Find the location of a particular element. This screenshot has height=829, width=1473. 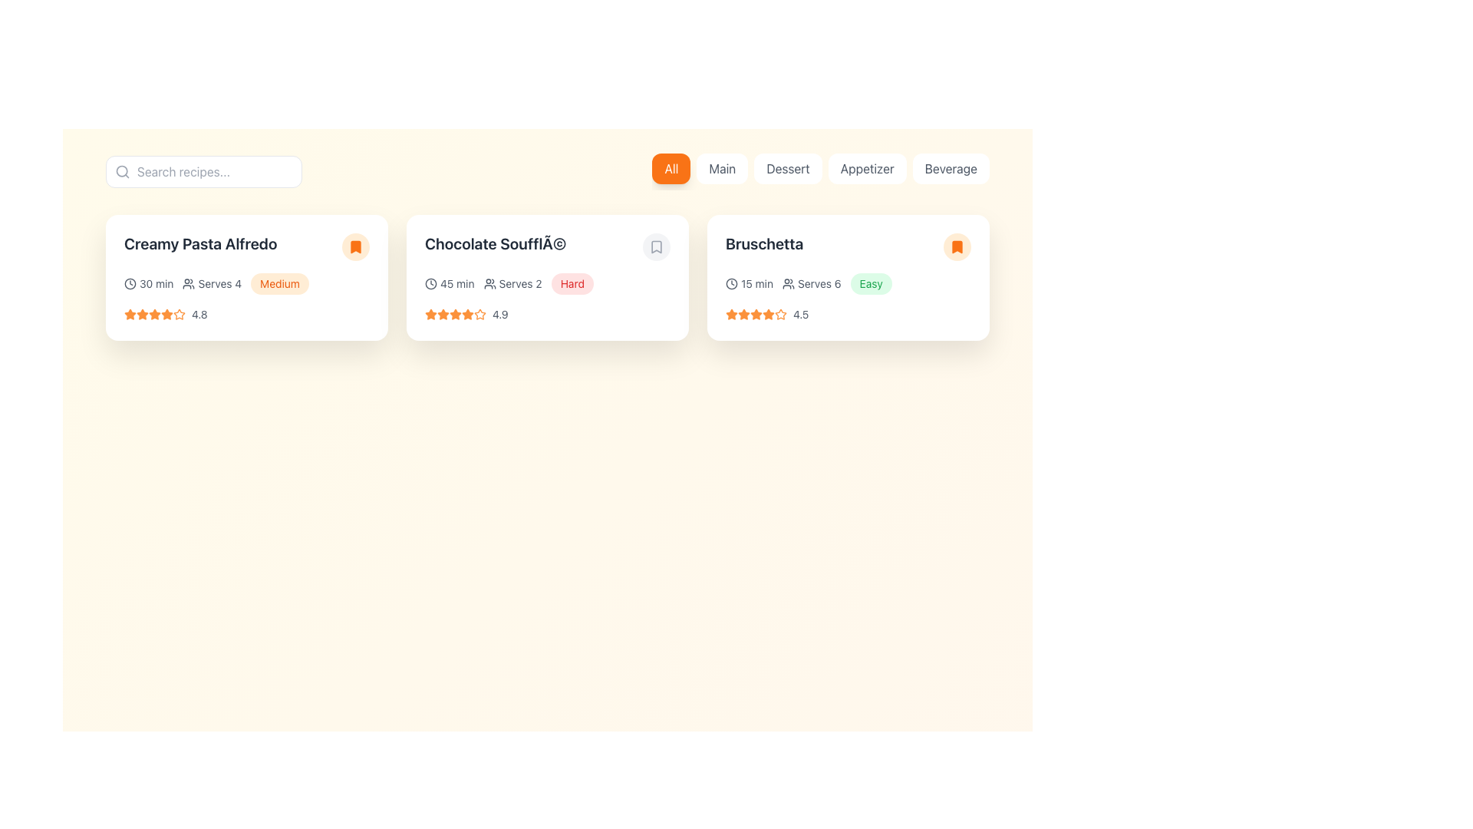

information displayed about the number of servings the recipe yields, located in the first recipe card next to the user icon and to the left of the 'Medium' tag is located at coordinates (219, 284).